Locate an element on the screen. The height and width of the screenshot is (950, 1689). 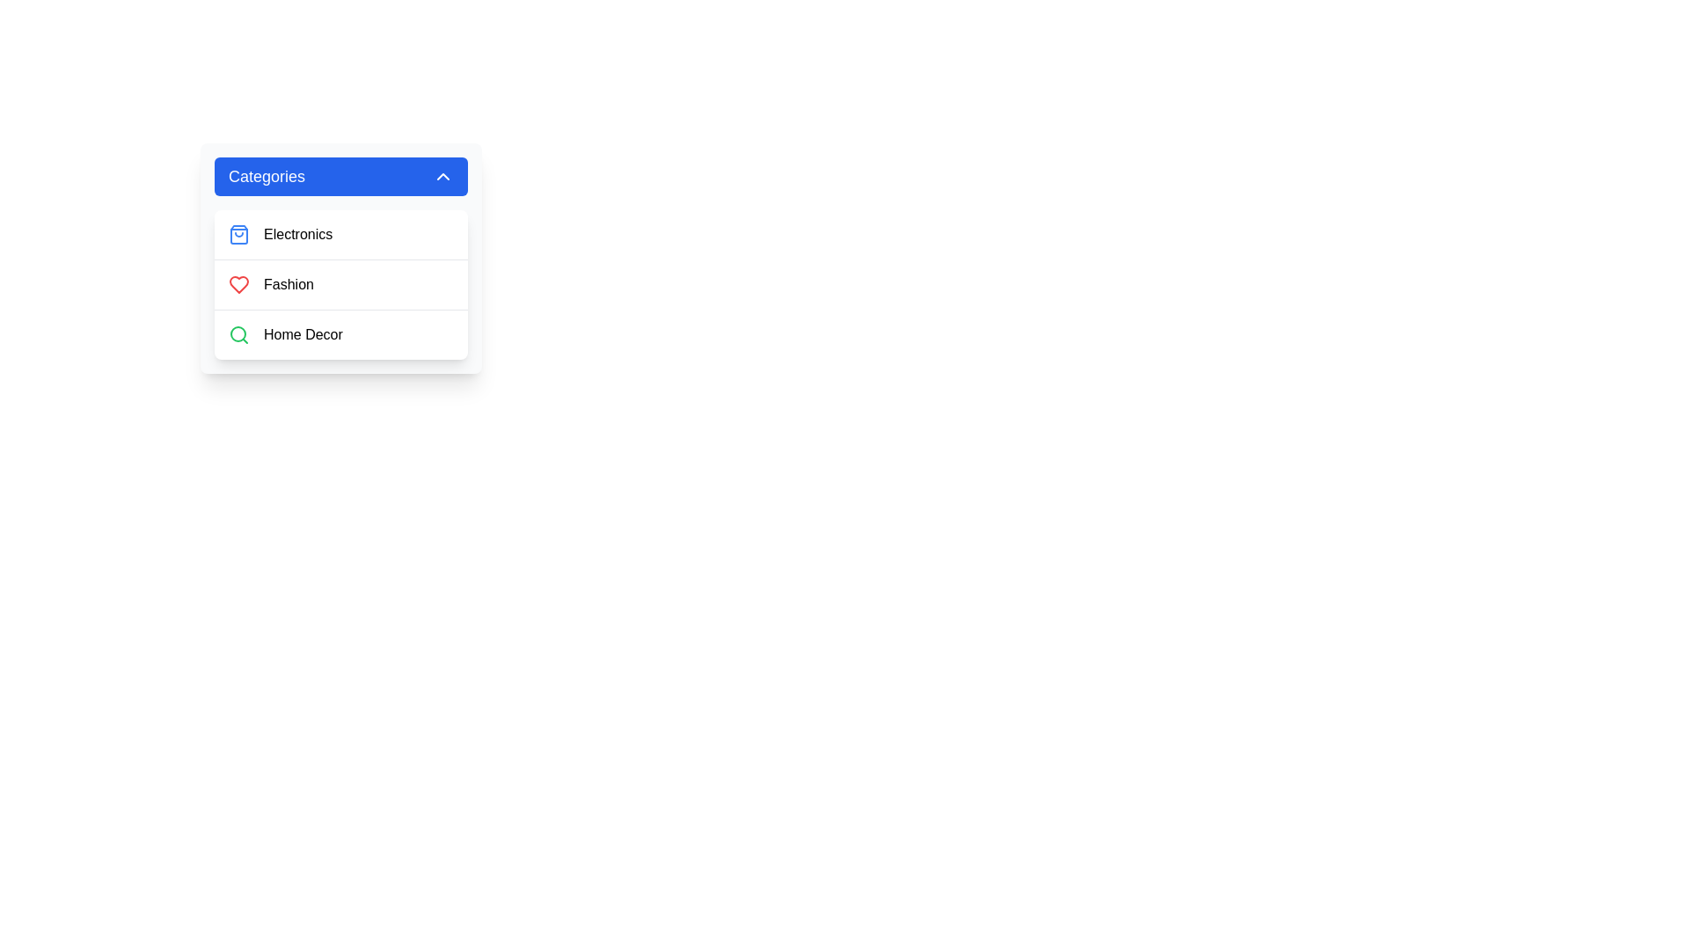
the 'Fashion' list item for keyboard navigation is located at coordinates (341, 284).